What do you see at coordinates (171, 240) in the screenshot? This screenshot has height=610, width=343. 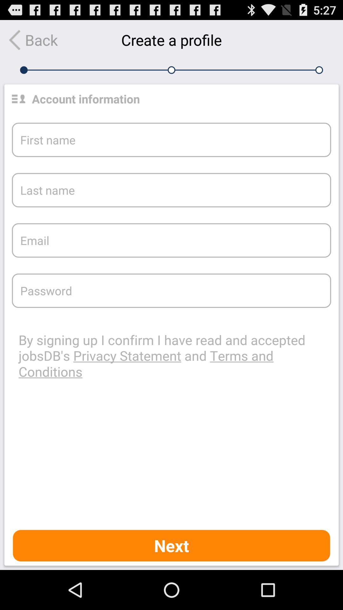 I see `the field which says email` at bounding box center [171, 240].